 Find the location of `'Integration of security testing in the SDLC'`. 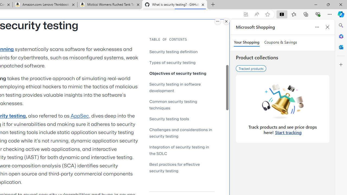

'Integration of security testing in the SDLC' is located at coordinates (179, 150).